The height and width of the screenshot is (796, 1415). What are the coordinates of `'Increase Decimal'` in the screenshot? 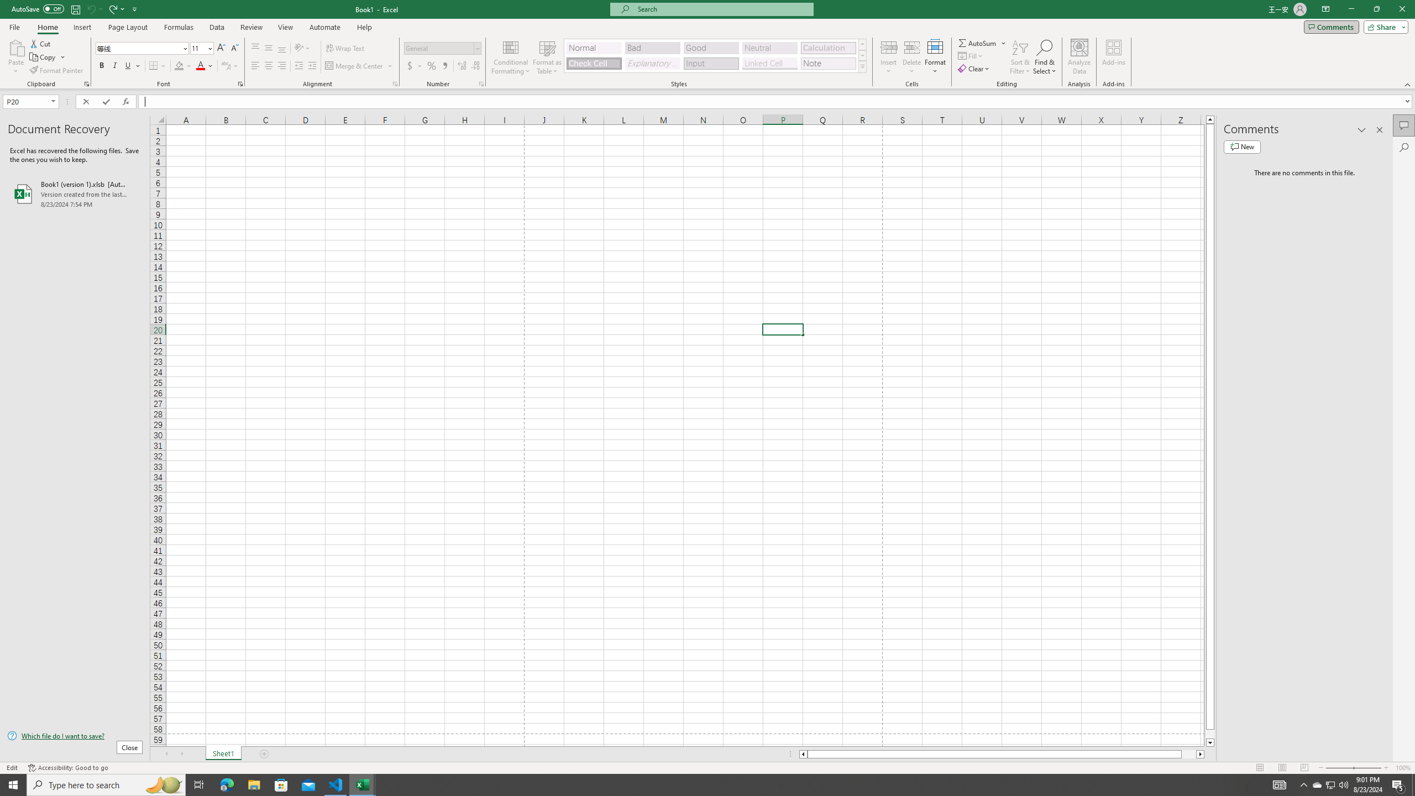 It's located at (462, 65).